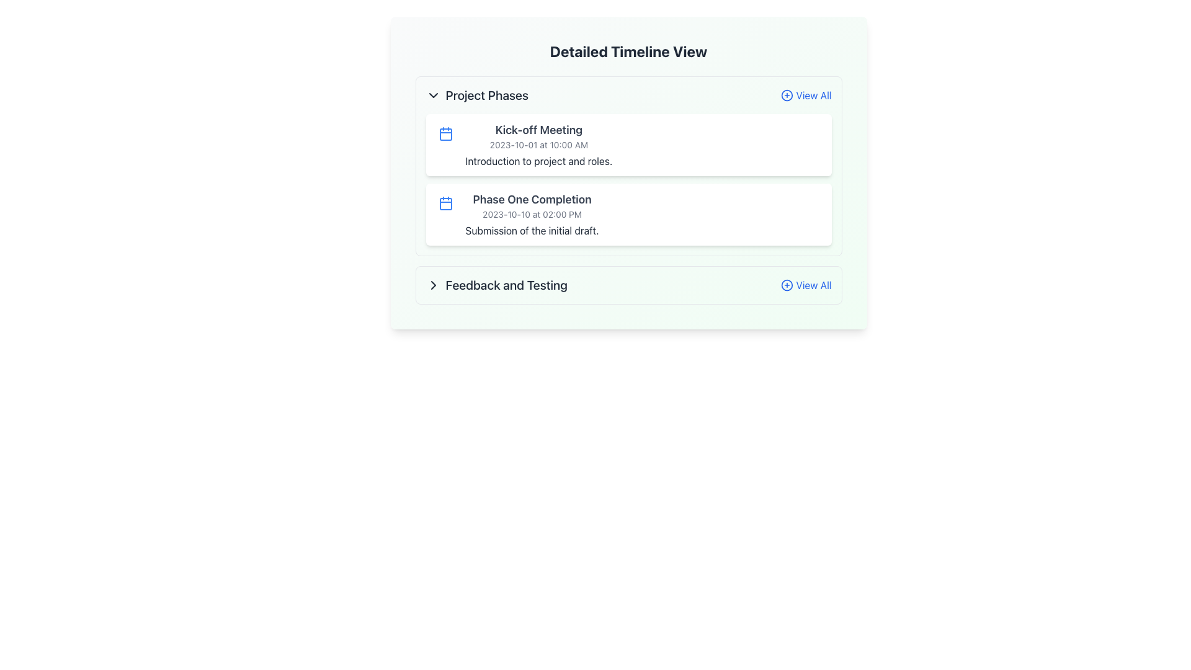 The image size is (1191, 670). I want to click on the decorative shape representing a calendar icon located to the left of the 'Kick-off Meeting' text in the project timeline section, so click(445, 134).